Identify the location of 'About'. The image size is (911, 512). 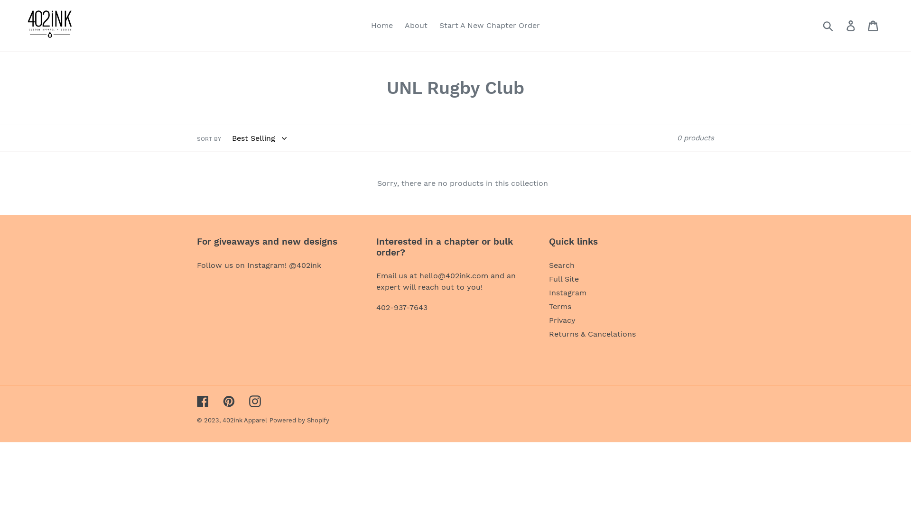
(416, 25).